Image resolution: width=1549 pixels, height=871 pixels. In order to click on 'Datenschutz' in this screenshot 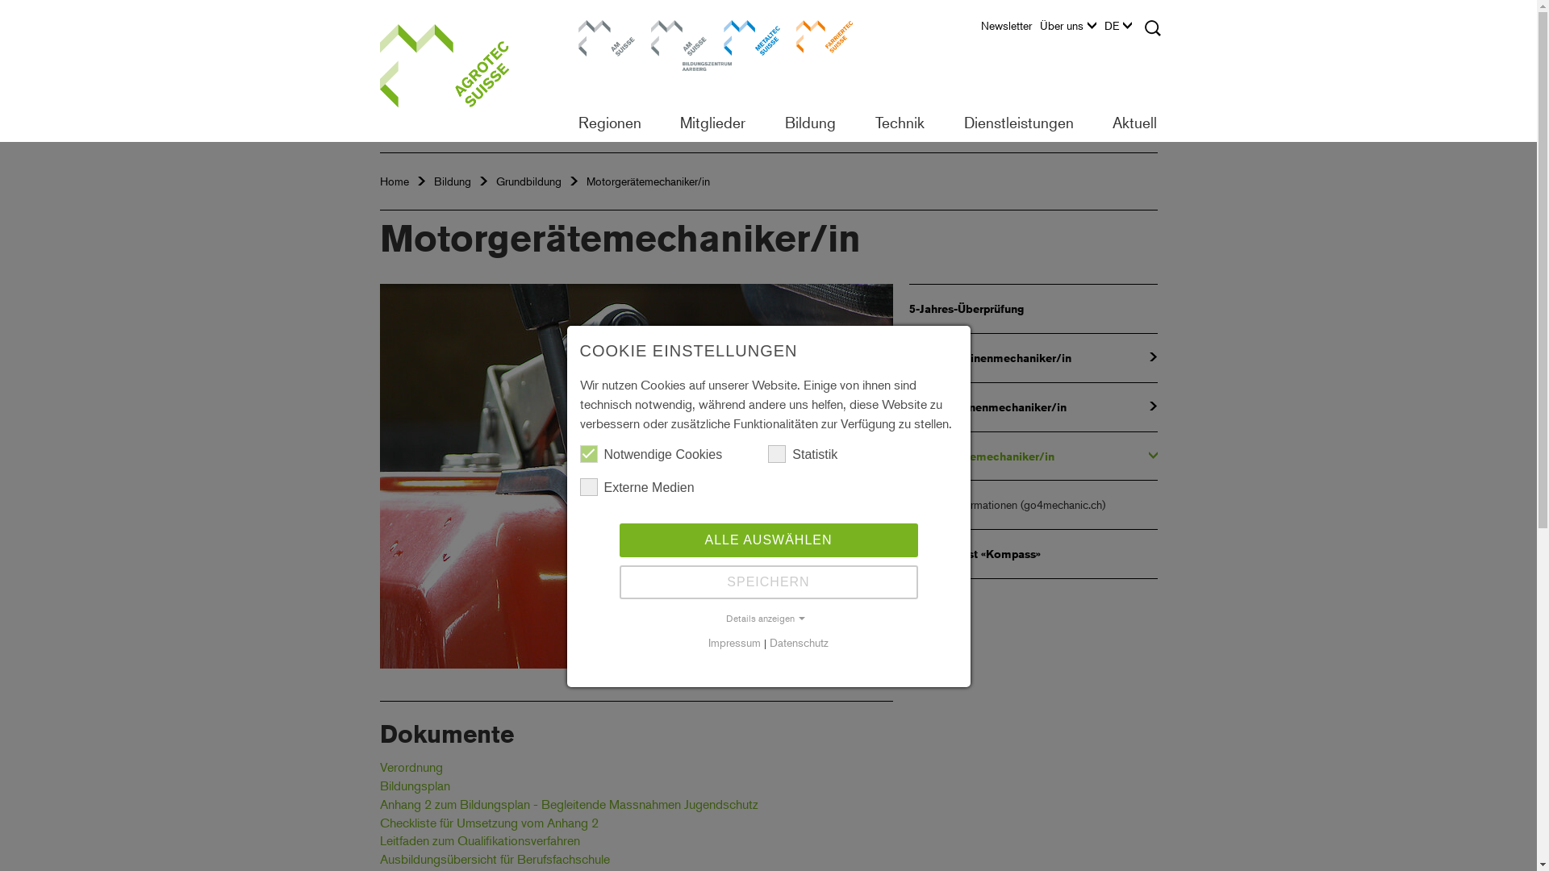, I will do `click(799, 641)`.